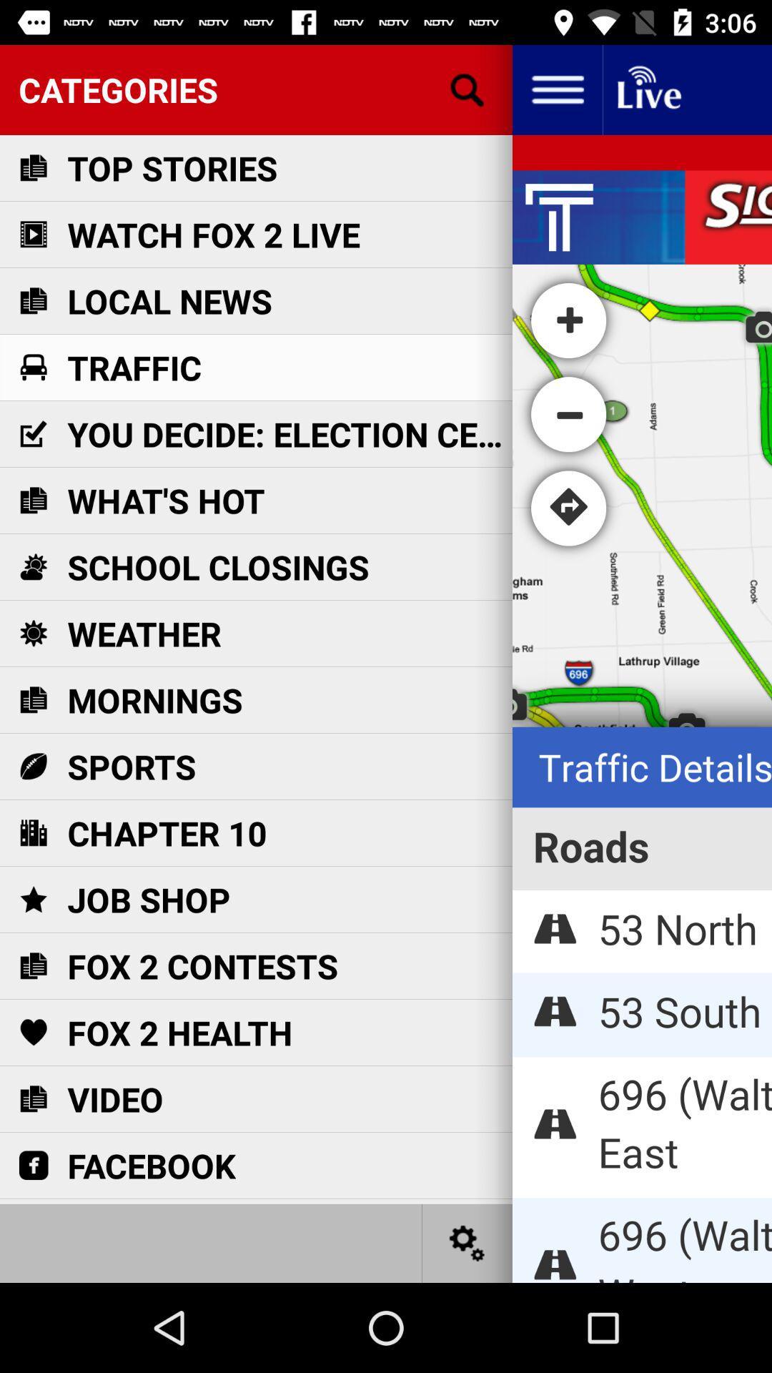 This screenshot has width=772, height=1373. What do you see at coordinates (648, 89) in the screenshot?
I see `programming` at bounding box center [648, 89].